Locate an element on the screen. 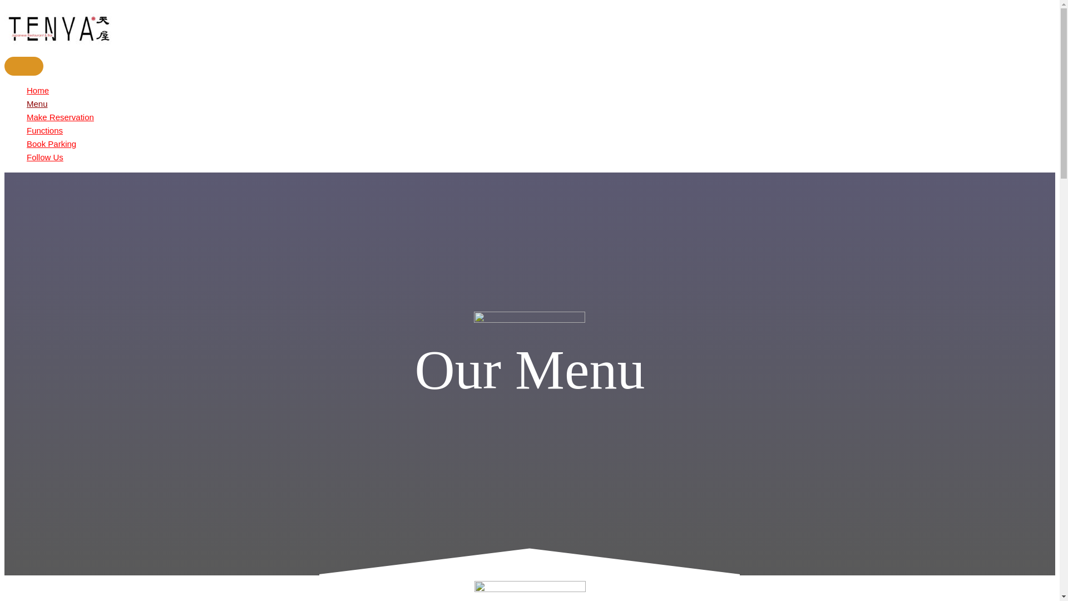 This screenshot has height=601, width=1068. 'Follow Us' is located at coordinates (360, 157).